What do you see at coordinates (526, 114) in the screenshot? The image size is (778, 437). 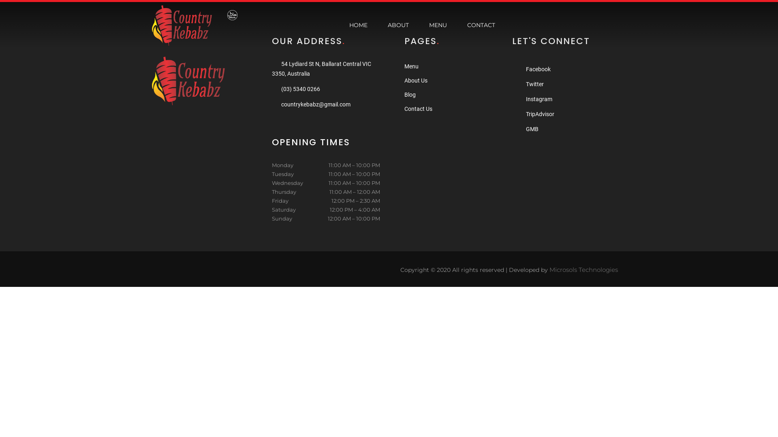 I see `'TripAdvisor'` at bounding box center [526, 114].